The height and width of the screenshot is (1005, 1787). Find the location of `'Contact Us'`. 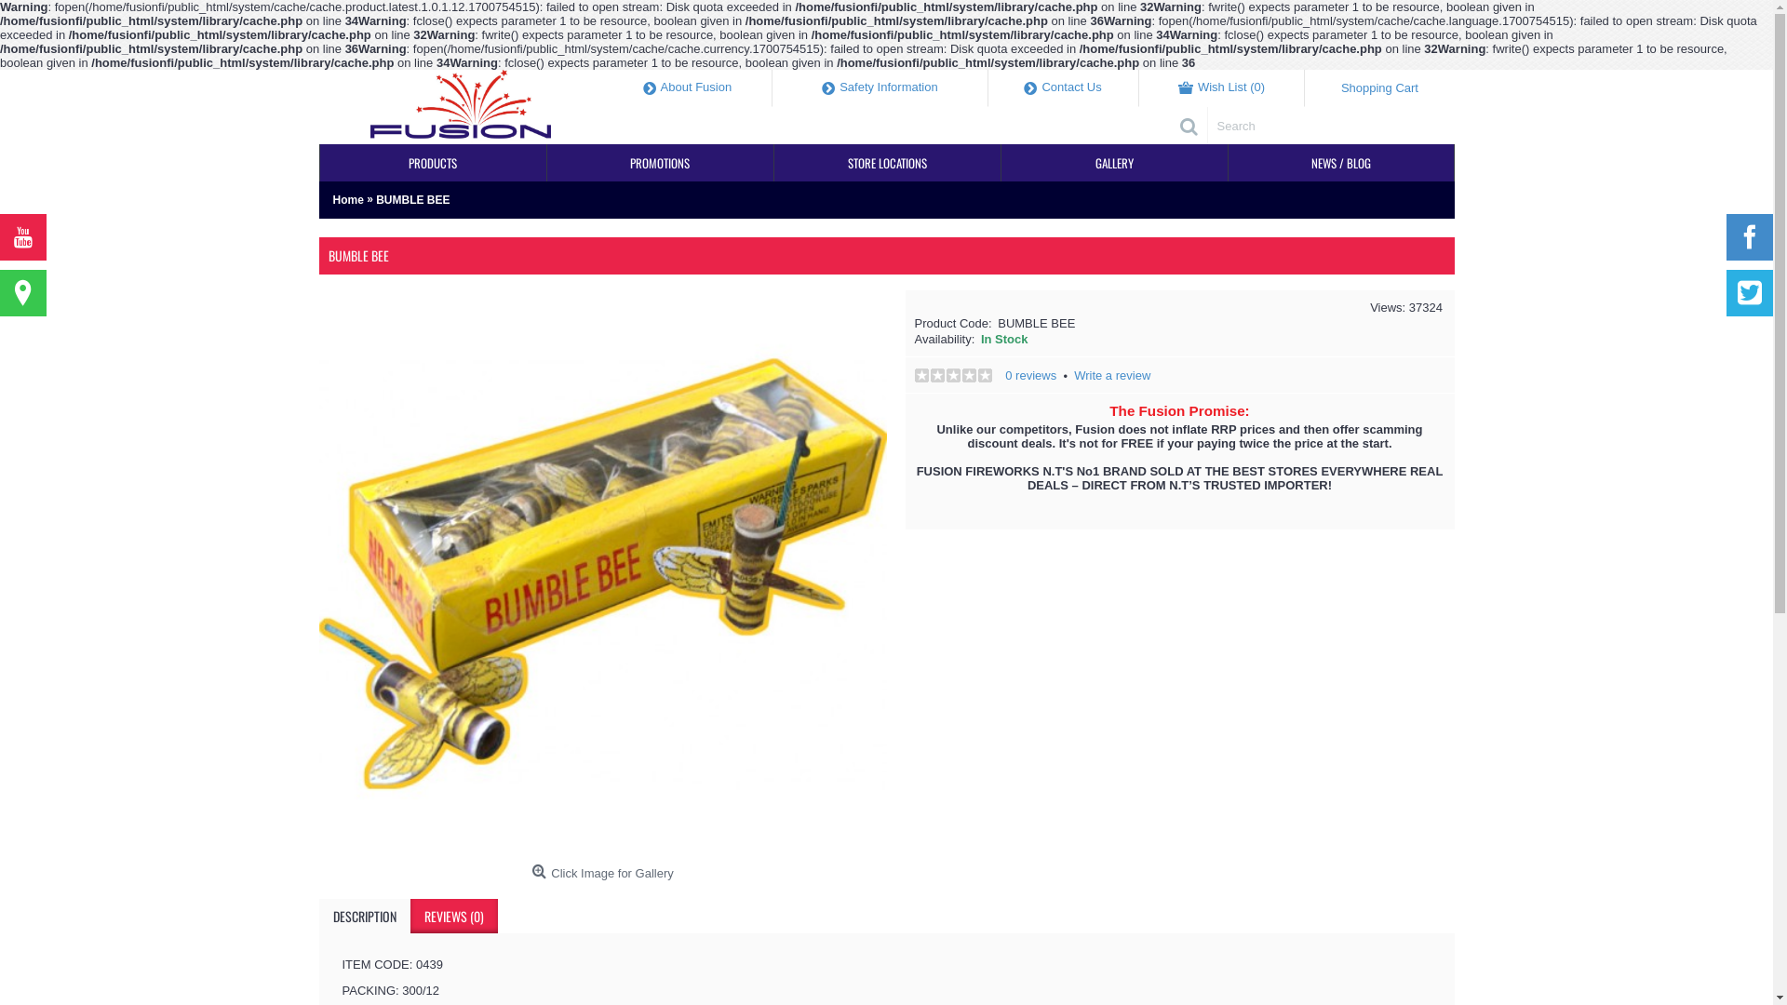

'Contact Us' is located at coordinates (987, 88).